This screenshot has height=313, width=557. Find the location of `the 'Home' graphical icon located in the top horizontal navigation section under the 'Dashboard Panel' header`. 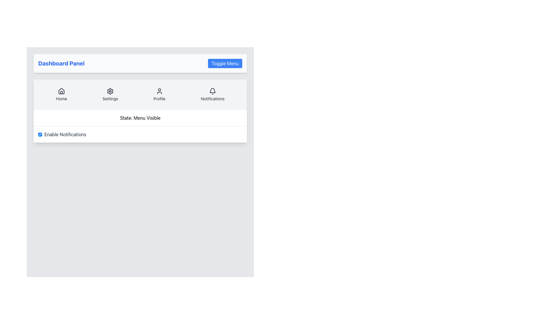

the 'Home' graphical icon located in the top horizontal navigation section under the 'Dashboard Panel' header is located at coordinates (62, 91).